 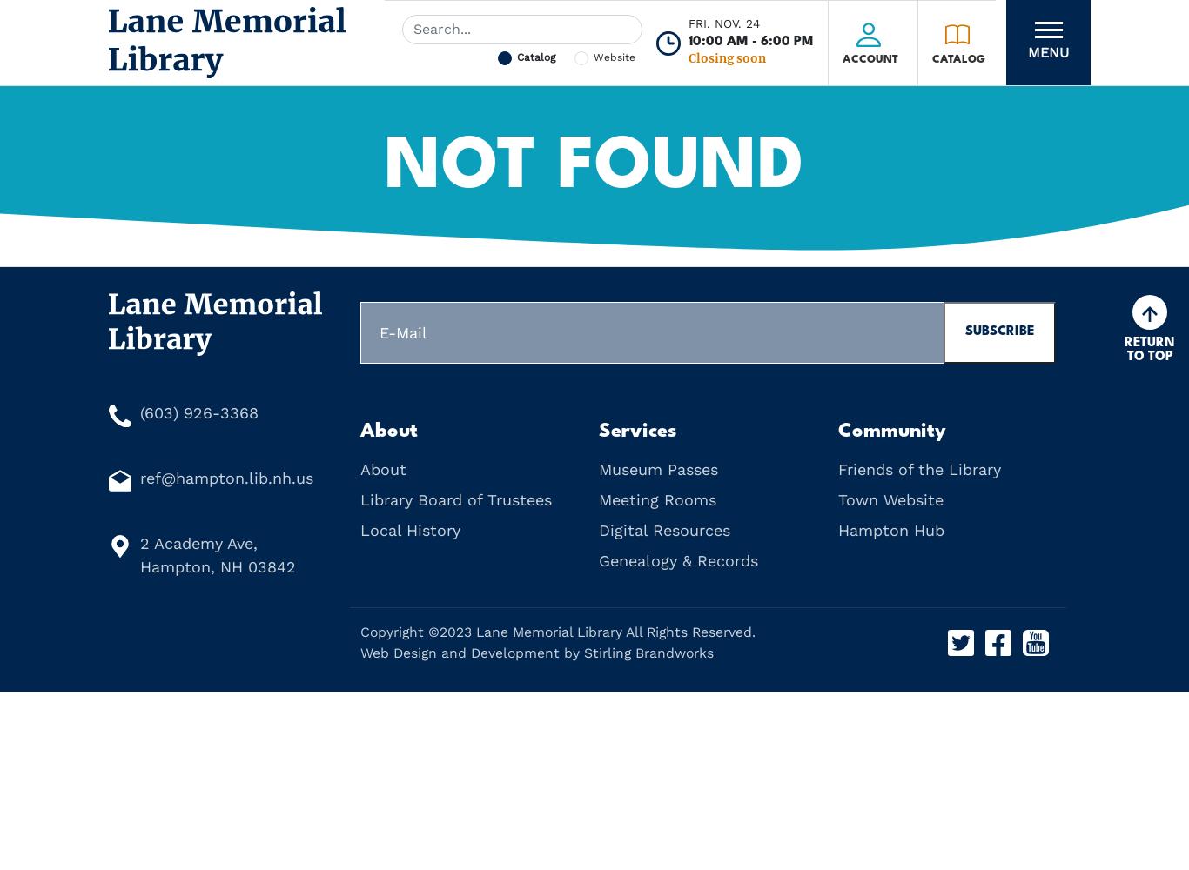 I want to click on 'Friends of the Library', so click(x=917, y=469).